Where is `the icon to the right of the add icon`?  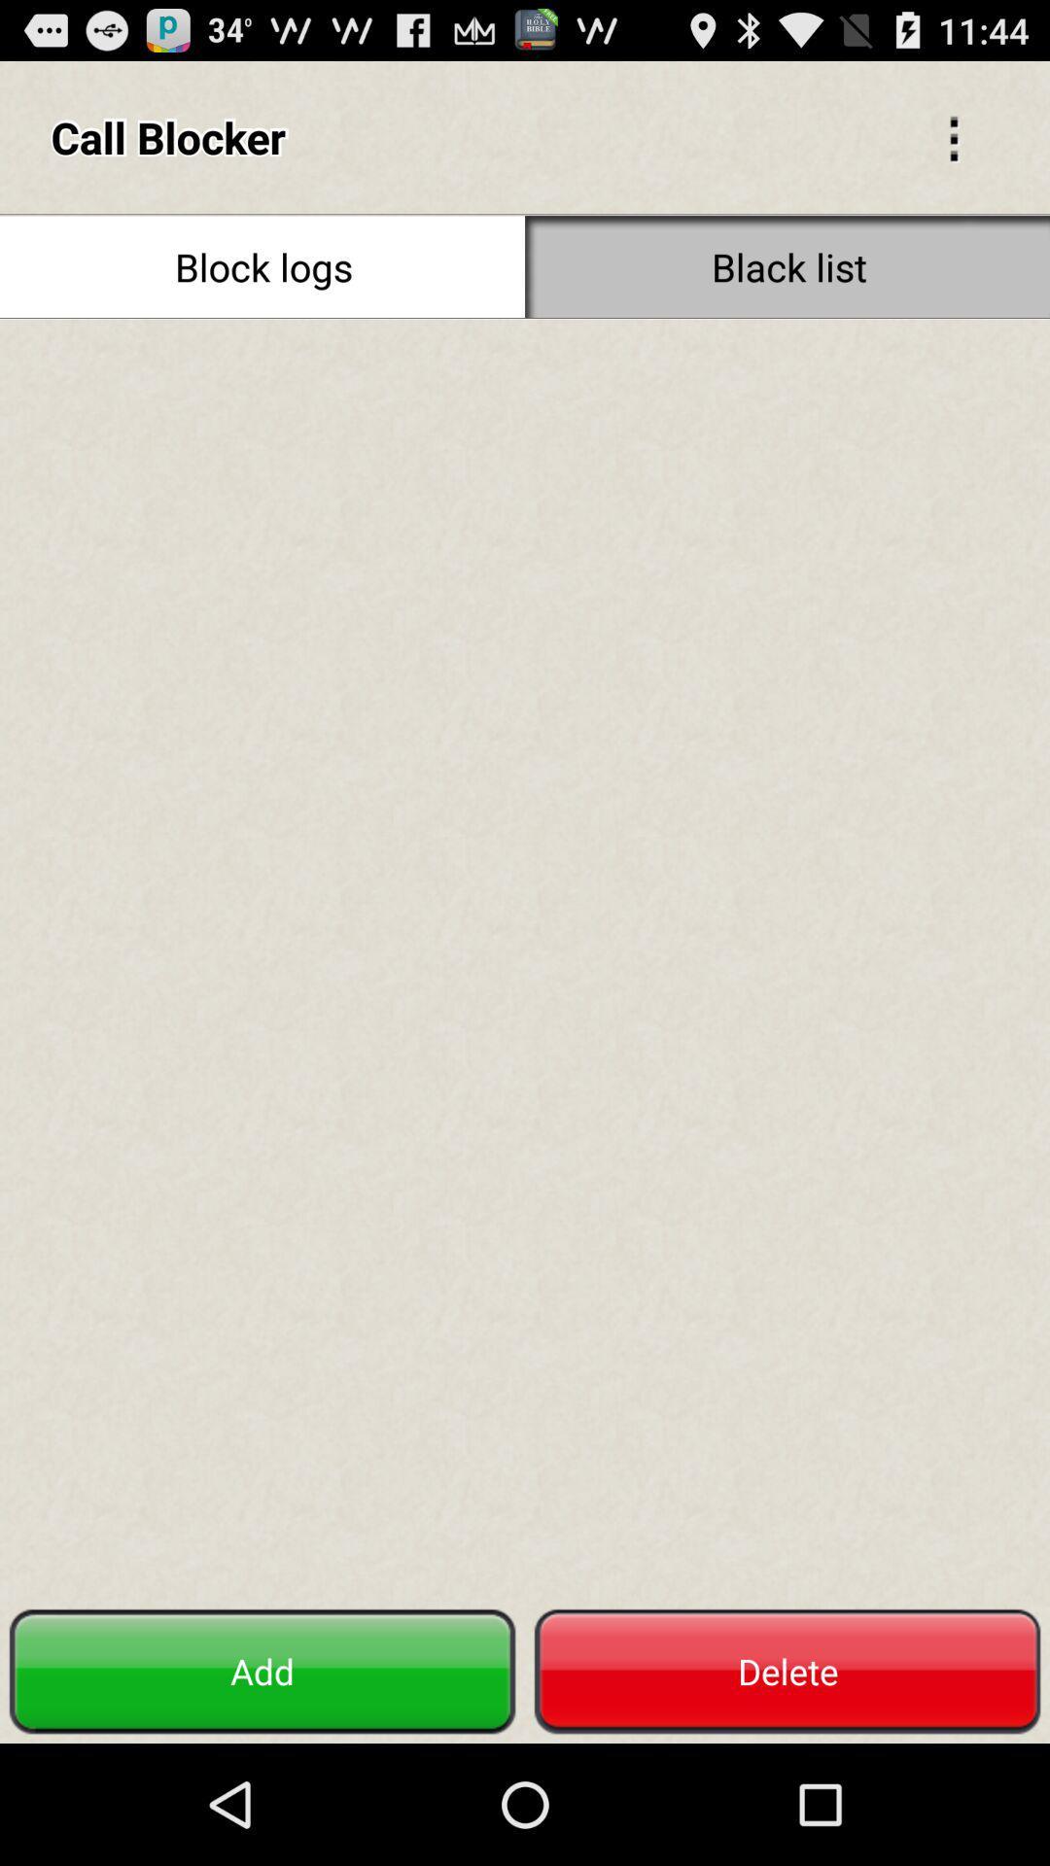 the icon to the right of the add icon is located at coordinates (787, 1671).